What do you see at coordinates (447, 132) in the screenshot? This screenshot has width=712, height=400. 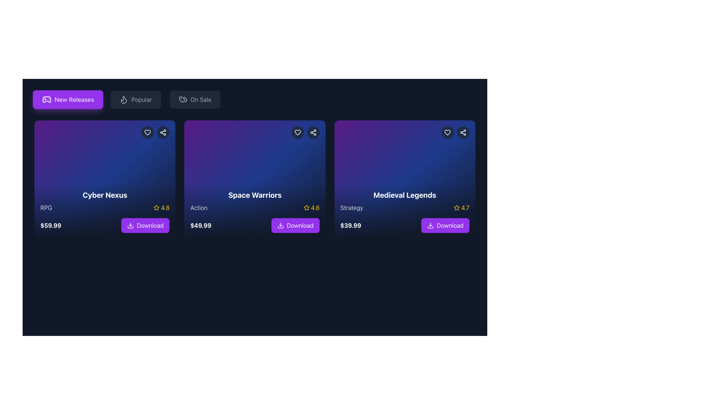 I see `the heart icon in the top-right corner of the 'Medieval Legends' card to mark it as a favorite` at bounding box center [447, 132].